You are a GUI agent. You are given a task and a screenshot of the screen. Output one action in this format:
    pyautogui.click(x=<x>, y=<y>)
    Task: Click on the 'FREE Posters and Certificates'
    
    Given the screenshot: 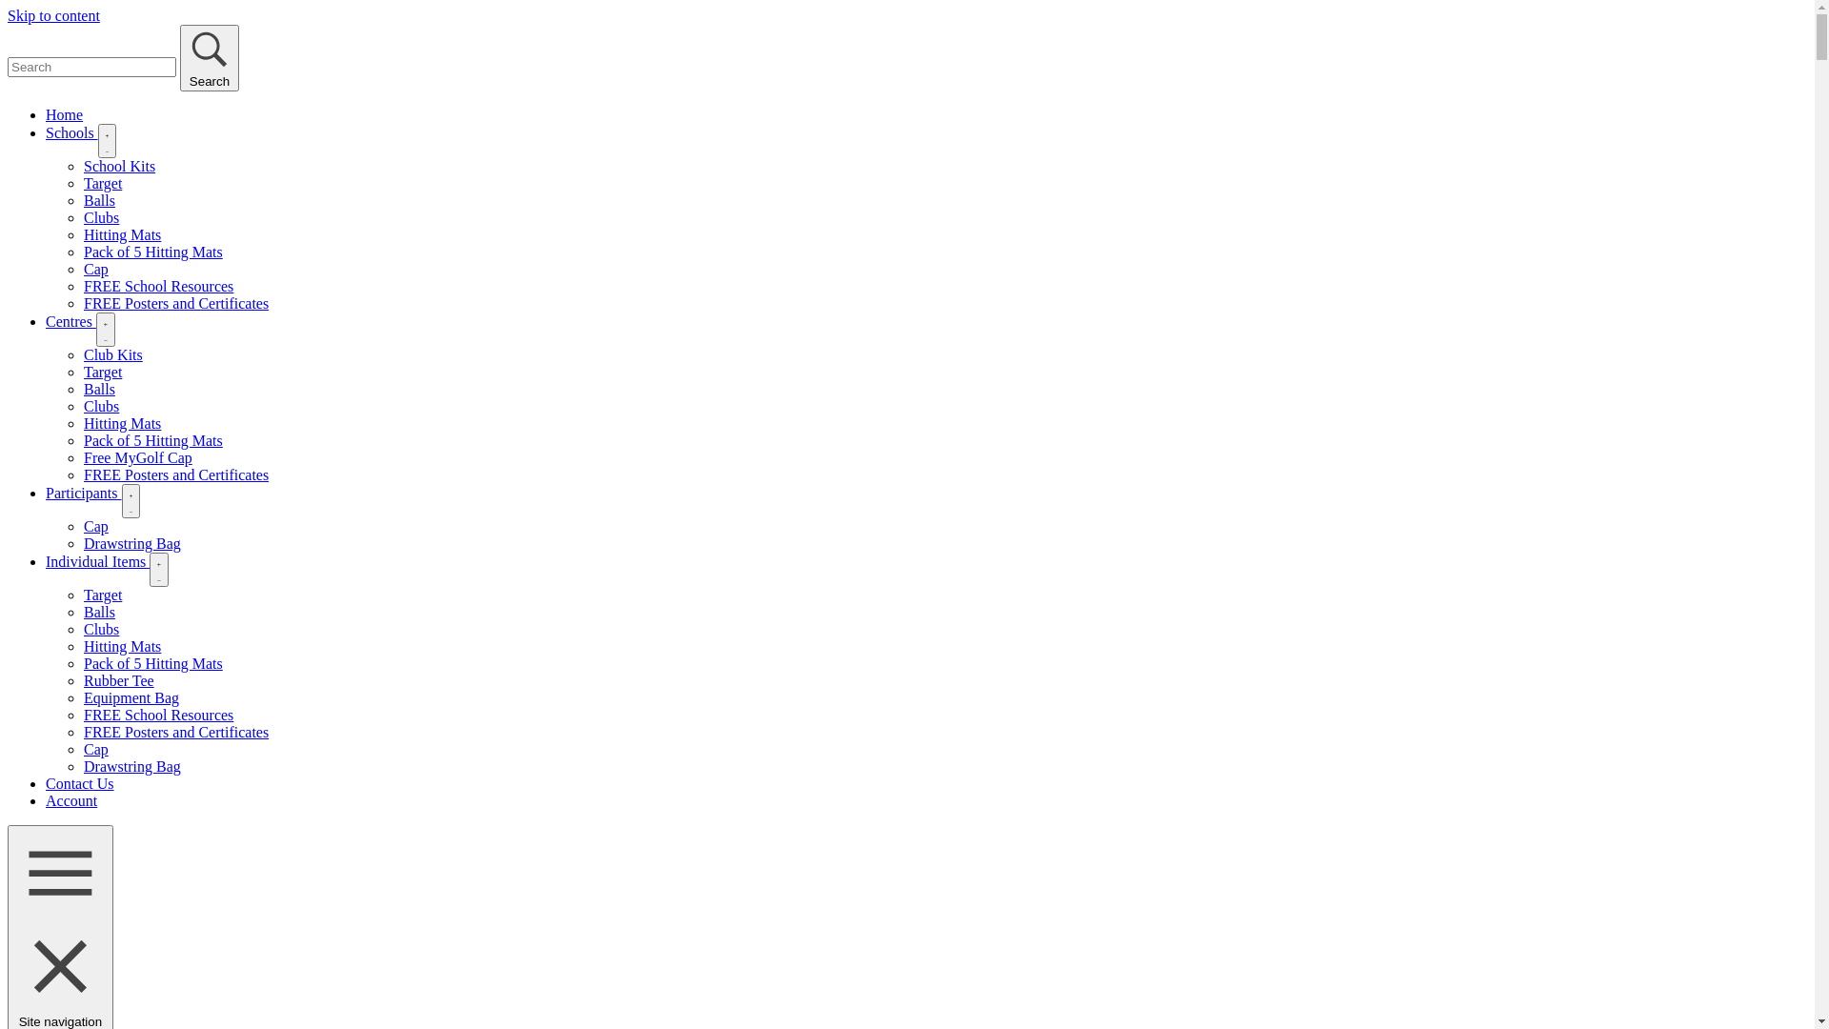 What is the action you would take?
    pyautogui.click(x=176, y=302)
    